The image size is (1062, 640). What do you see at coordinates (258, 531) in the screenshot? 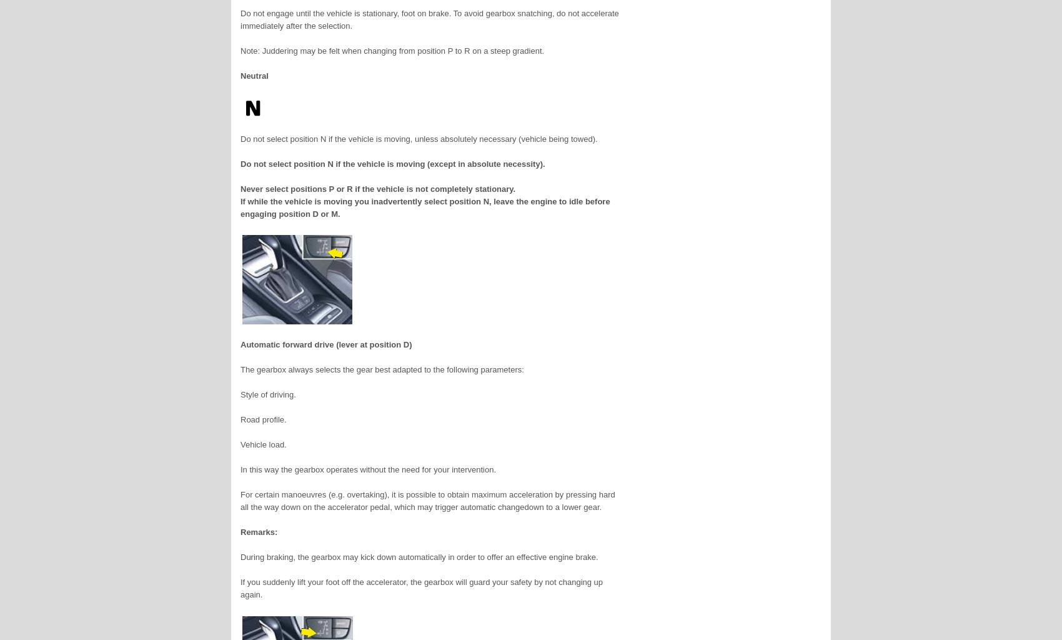
I see `'Remarks:'` at bounding box center [258, 531].